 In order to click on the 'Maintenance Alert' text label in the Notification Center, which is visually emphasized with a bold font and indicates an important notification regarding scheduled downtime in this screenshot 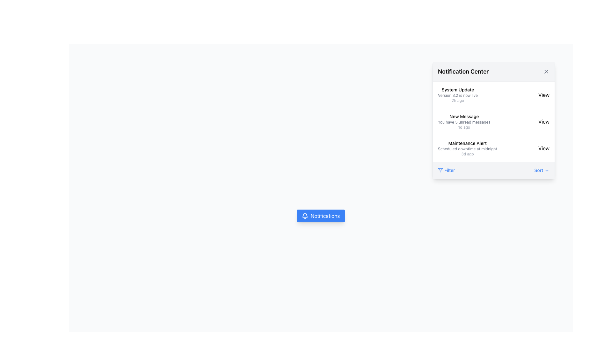, I will do `click(467, 143)`.